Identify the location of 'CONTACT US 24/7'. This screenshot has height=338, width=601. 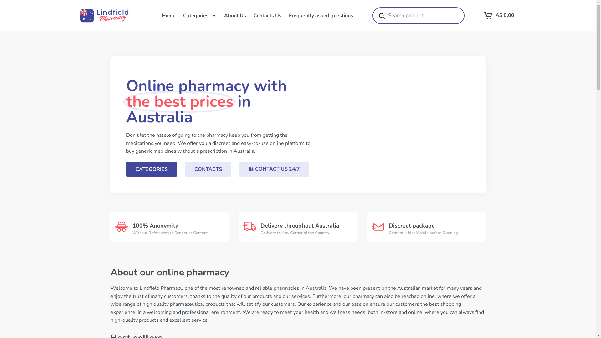
(274, 169).